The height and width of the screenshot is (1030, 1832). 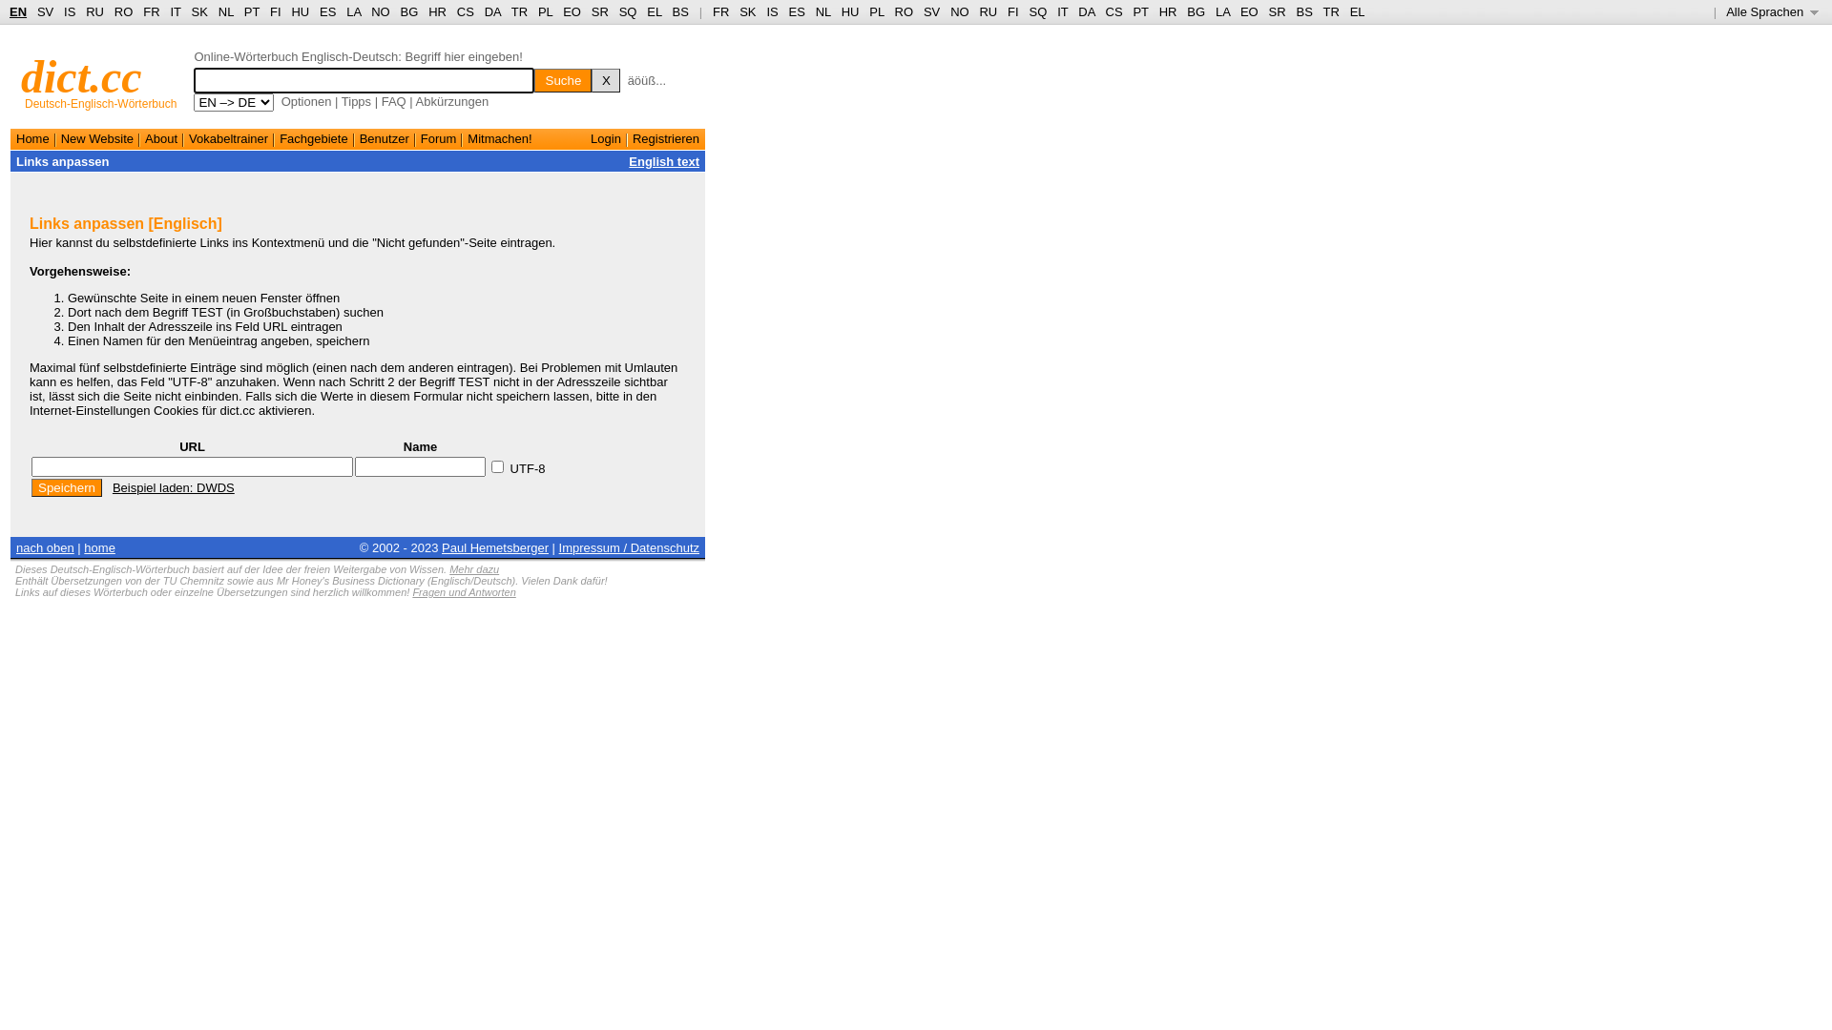 What do you see at coordinates (849, 11) in the screenshot?
I see `'HU'` at bounding box center [849, 11].